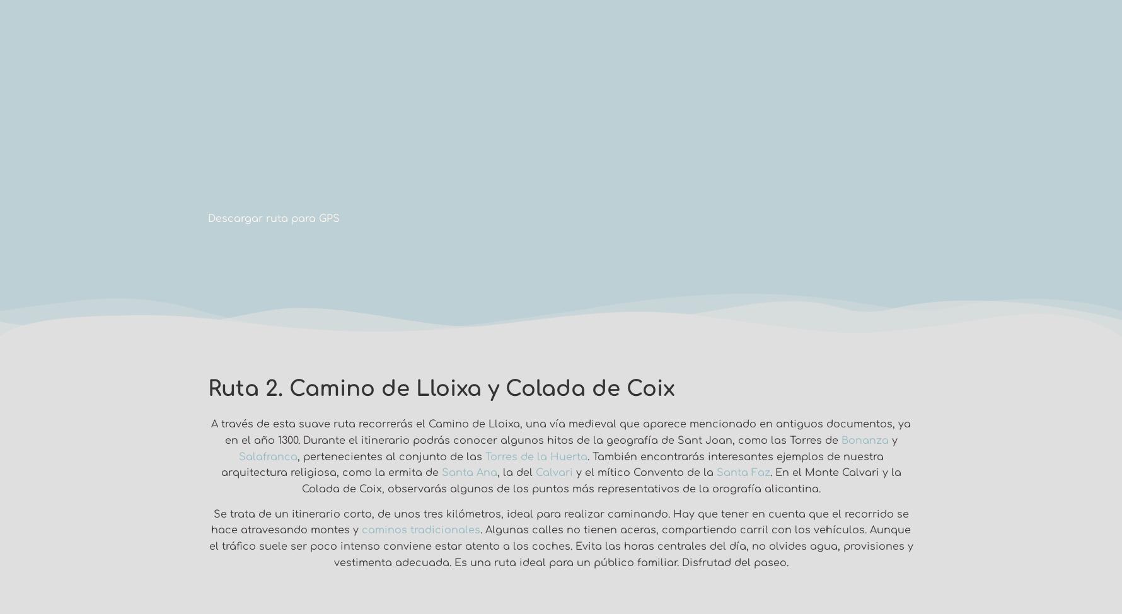 Image resolution: width=1122 pixels, height=614 pixels. What do you see at coordinates (561, 432) in the screenshot?
I see `'A través de esta suave ruta recorrerás el Camino de Lloixa, una vía medieval que aparece mencionado en antiguos documentos, ya en el año 1300. Durante el itinerario podrás conocer algunos hitos de la geografía de Sant Joan, como las Torres de'` at bounding box center [561, 432].